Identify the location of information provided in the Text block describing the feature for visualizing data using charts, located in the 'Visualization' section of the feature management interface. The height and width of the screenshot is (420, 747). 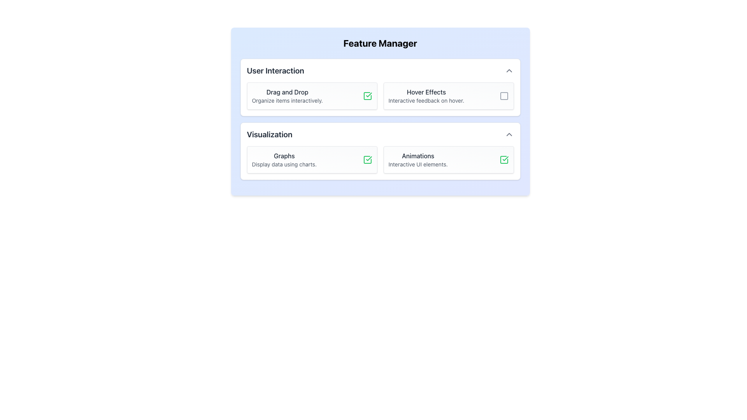
(284, 159).